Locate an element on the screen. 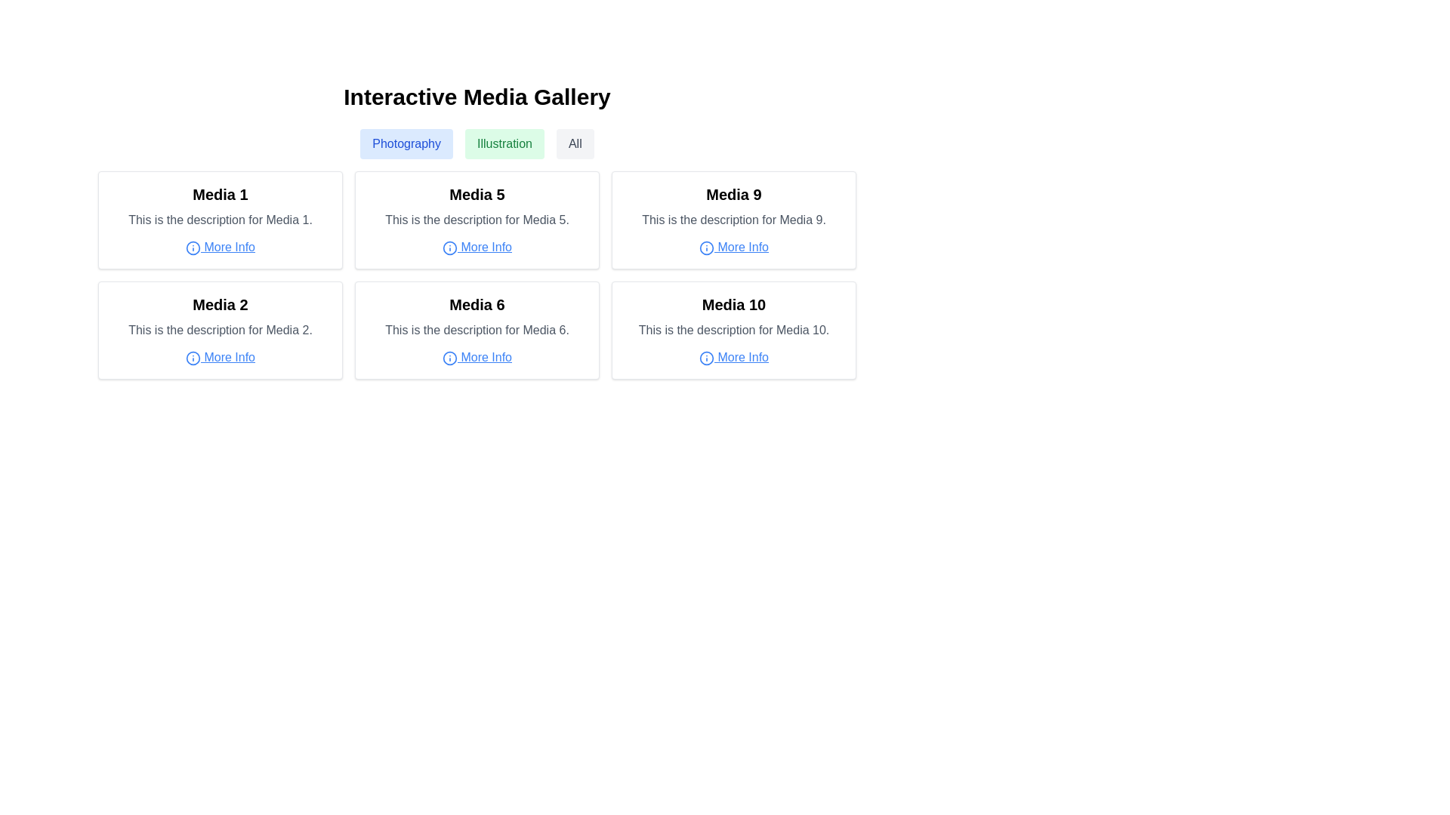  the 'information' icon that is part of the 'More Info' link associated with 'Media 9', which is a circular icon containing an 'i' symbol located in the third column of the second row is located at coordinates (706, 247).